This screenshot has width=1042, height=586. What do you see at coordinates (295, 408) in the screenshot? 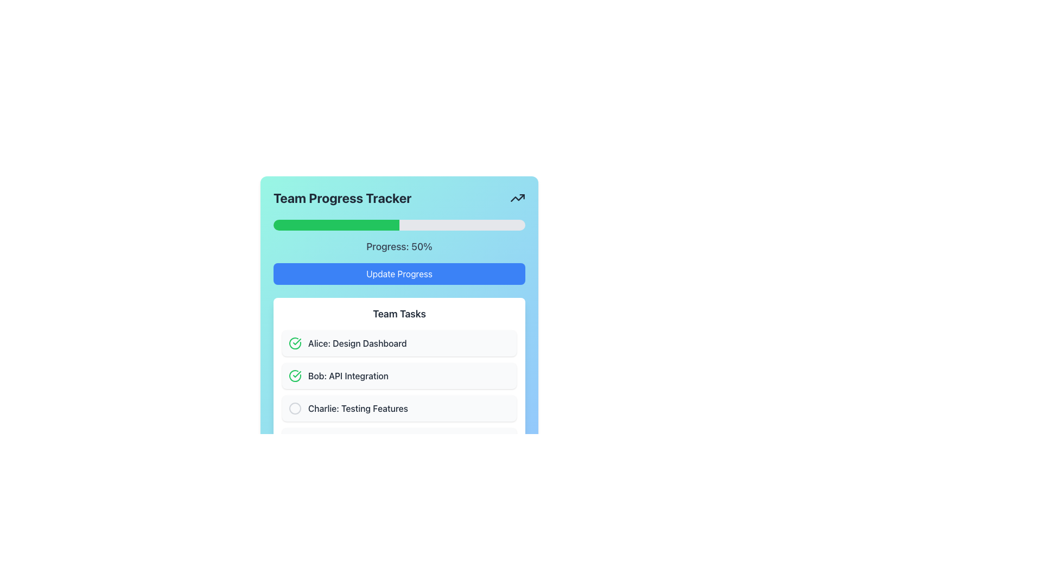
I see `the Circular Icon which serves as a visual indicator, located at the leftmost end of the rectangular box labeled 'Charlie: Testing Features'` at bounding box center [295, 408].